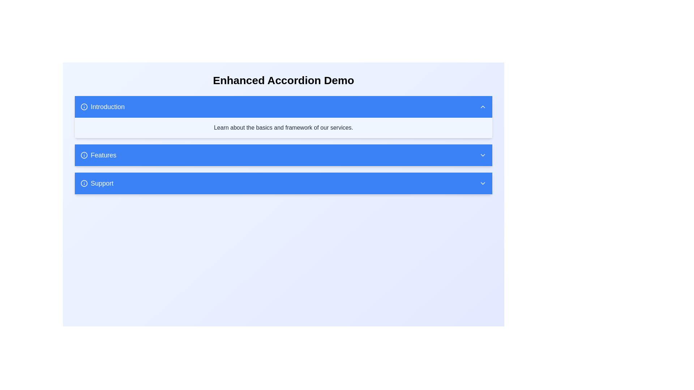 Image resolution: width=694 pixels, height=390 pixels. Describe the element at coordinates (102, 183) in the screenshot. I see `the 'Support' text label which is displayed in bold font on a blue background, located in the third section of the vertically stacked menu, aligned to the right of an information icon` at that location.